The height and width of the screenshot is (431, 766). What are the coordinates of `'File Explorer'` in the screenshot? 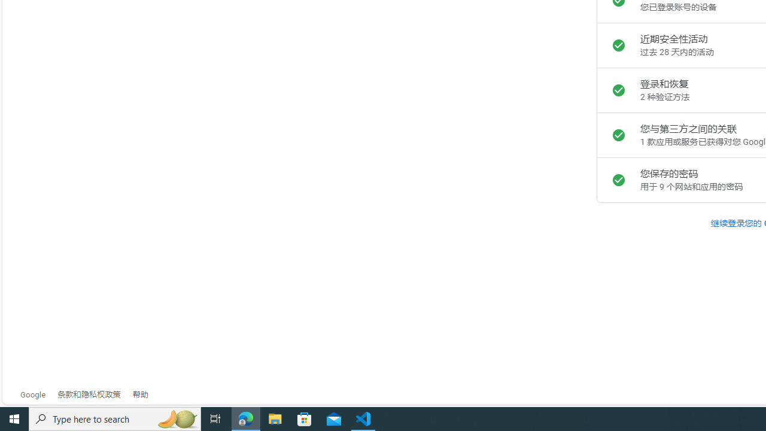 It's located at (275, 418).